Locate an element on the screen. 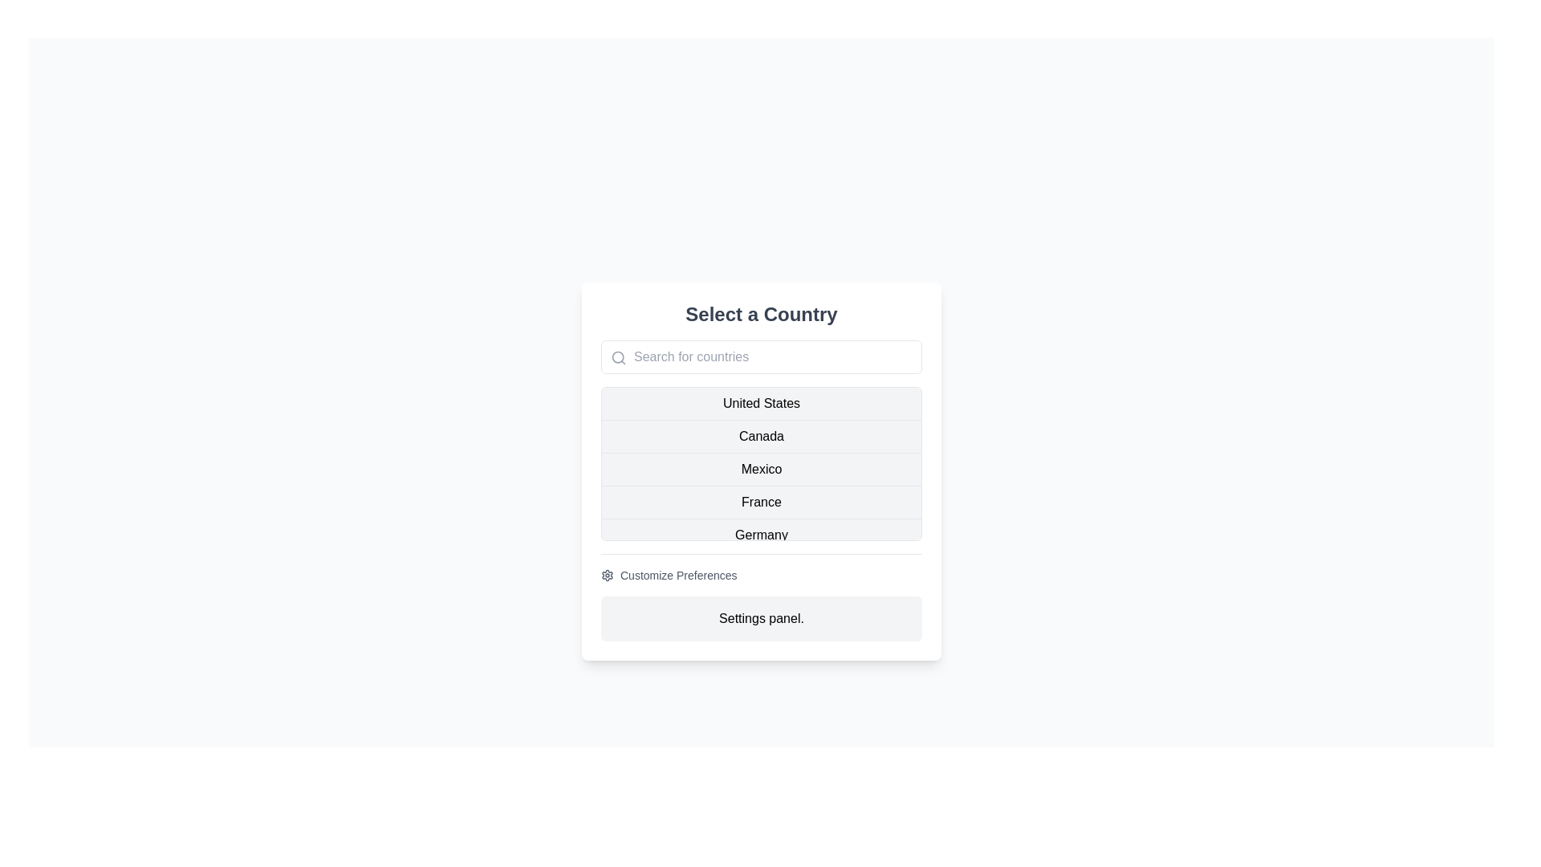 The width and height of the screenshot is (1541, 867). to select the 'Germany' option in the dropdown menu, which is the fifth item in the list of countries is located at coordinates (761, 535).